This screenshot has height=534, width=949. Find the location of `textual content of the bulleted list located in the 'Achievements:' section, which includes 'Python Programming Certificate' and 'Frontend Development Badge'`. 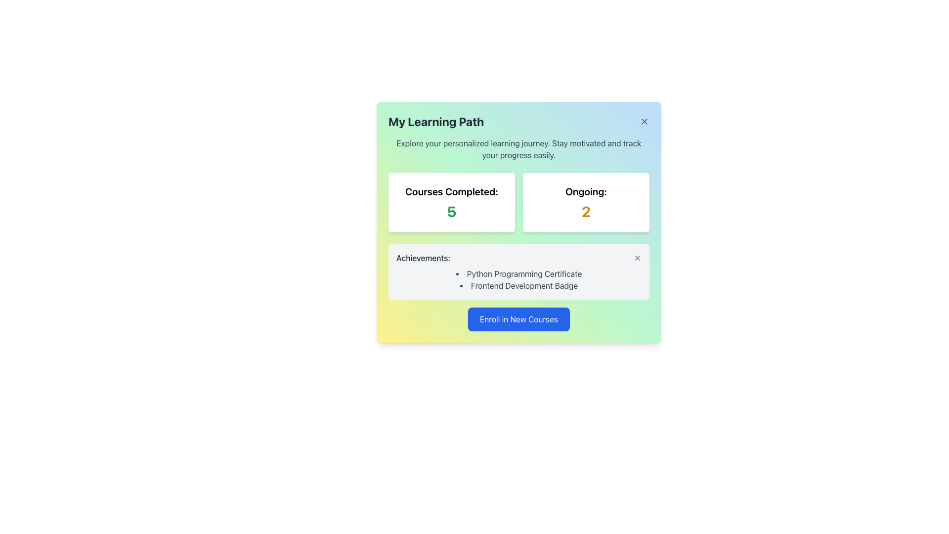

textual content of the bulleted list located in the 'Achievements:' section, which includes 'Python Programming Certificate' and 'Frontend Development Badge' is located at coordinates (518, 280).